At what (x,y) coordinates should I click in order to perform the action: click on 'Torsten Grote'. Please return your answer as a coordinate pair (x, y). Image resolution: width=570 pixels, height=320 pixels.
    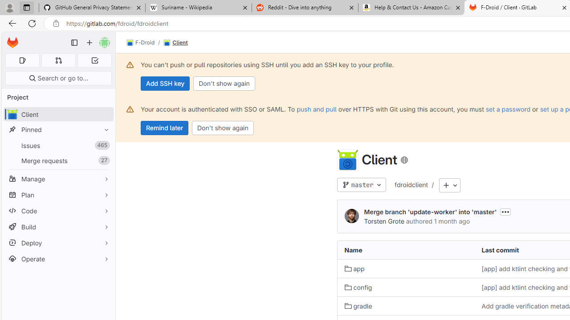
    Looking at the image, I should click on (384, 220).